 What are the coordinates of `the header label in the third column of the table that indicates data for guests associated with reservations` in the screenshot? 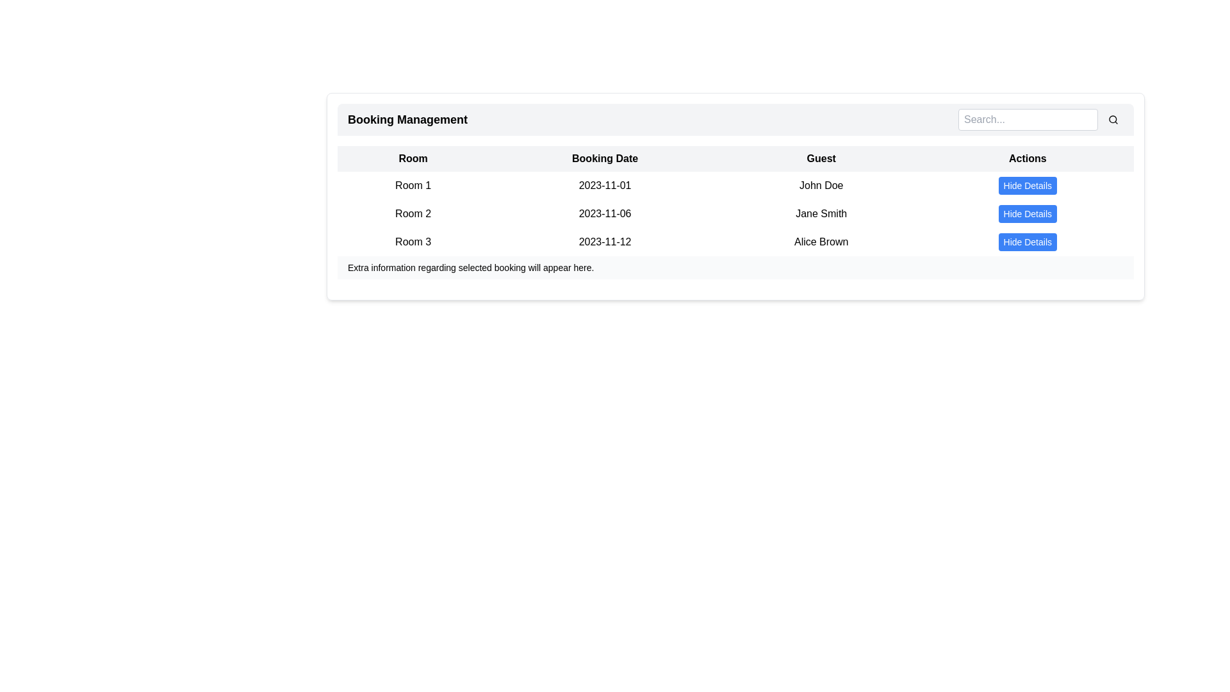 It's located at (821, 158).